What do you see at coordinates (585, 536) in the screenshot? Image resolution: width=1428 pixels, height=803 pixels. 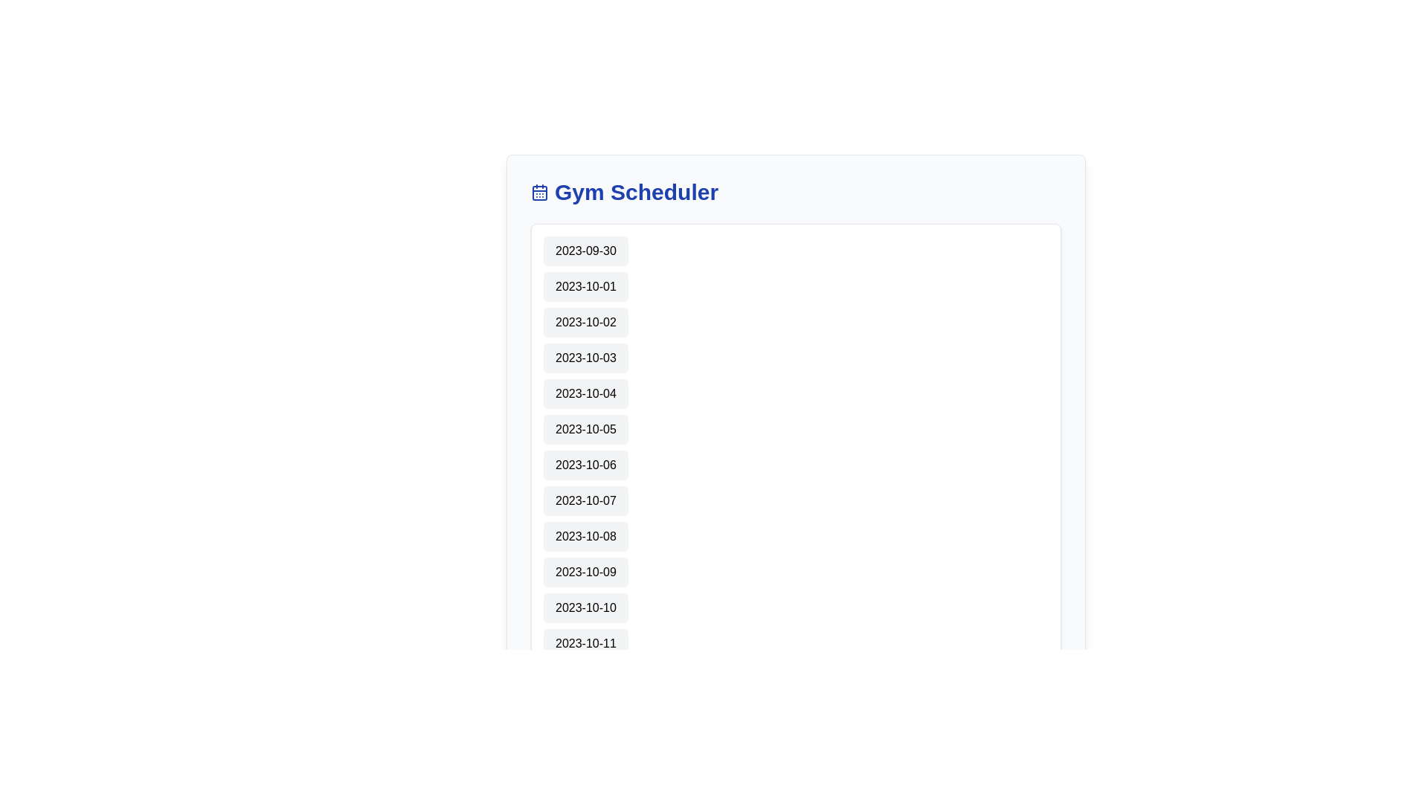 I see `the selectable date option button located in the scheduler interface, which is the ninth item in a vertical list of date buttons, positioned between '2023-10-07' and '2023-10-09'` at bounding box center [585, 536].